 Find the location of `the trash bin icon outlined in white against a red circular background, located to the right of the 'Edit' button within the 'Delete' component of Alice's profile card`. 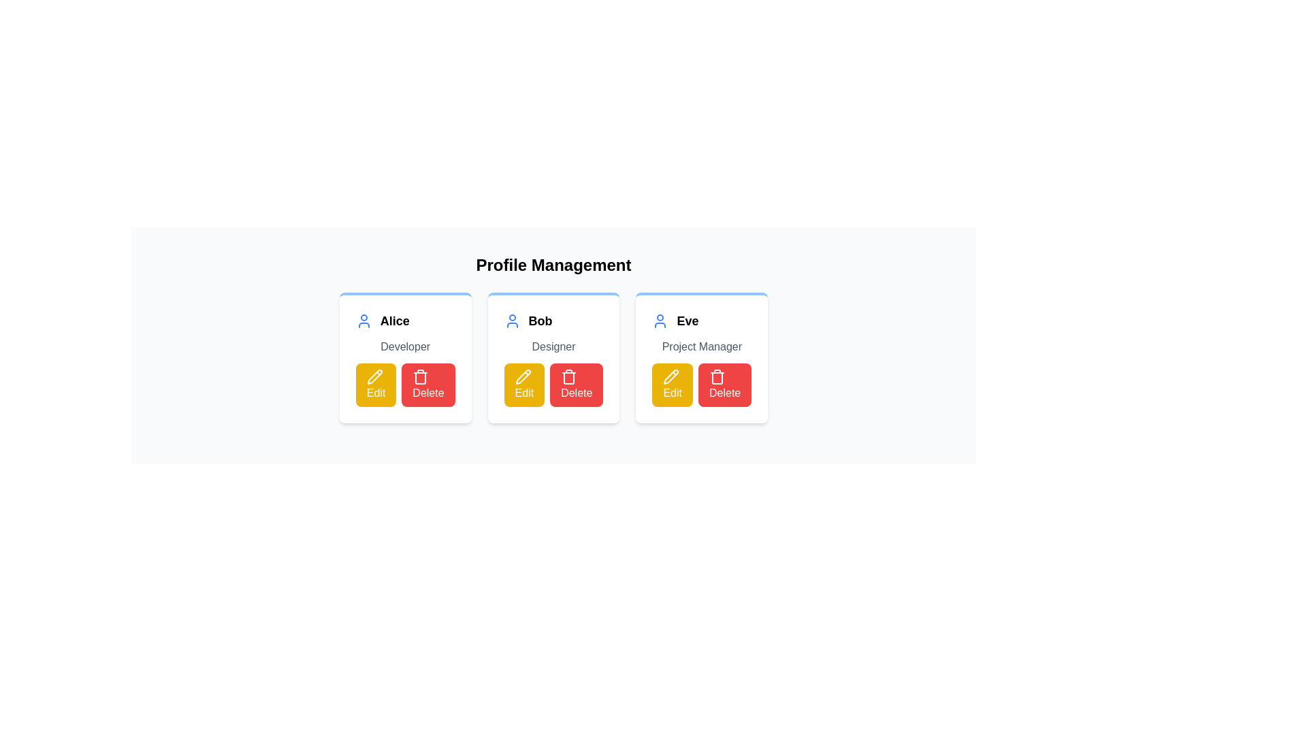

the trash bin icon outlined in white against a red circular background, located to the right of the 'Edit' button within the 'Delete' component of Alice's profile card is located at coordinates (420, 377).